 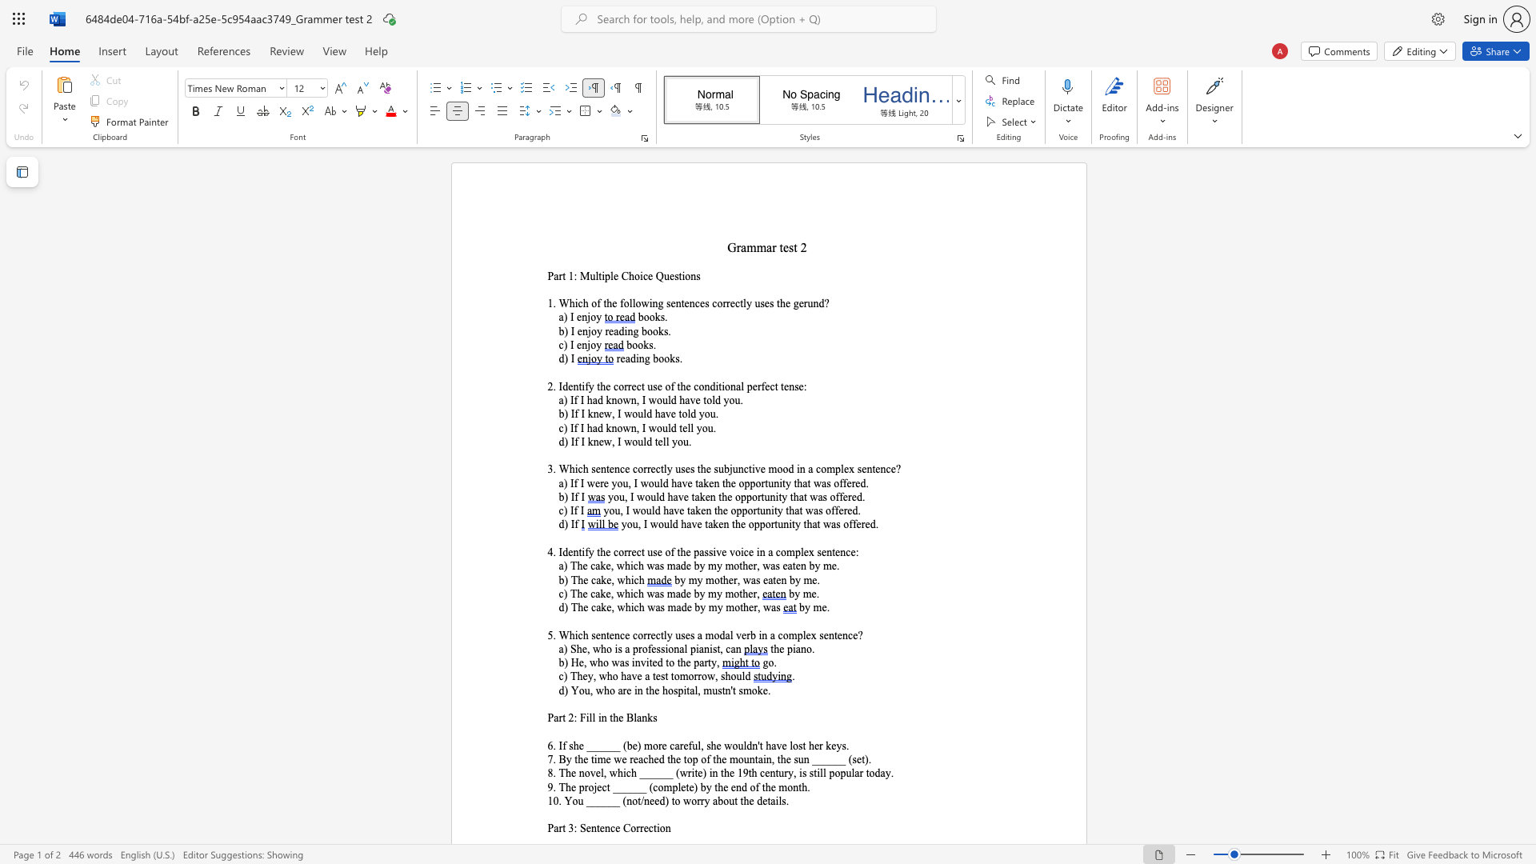 What do you see at coordinates (631, 524) in the screenshot?
I see `the subset text "u, I would have taken the opportuni" within the text "you, I would have taken the opportunity that was offered."` at bounding box center [631, 524].